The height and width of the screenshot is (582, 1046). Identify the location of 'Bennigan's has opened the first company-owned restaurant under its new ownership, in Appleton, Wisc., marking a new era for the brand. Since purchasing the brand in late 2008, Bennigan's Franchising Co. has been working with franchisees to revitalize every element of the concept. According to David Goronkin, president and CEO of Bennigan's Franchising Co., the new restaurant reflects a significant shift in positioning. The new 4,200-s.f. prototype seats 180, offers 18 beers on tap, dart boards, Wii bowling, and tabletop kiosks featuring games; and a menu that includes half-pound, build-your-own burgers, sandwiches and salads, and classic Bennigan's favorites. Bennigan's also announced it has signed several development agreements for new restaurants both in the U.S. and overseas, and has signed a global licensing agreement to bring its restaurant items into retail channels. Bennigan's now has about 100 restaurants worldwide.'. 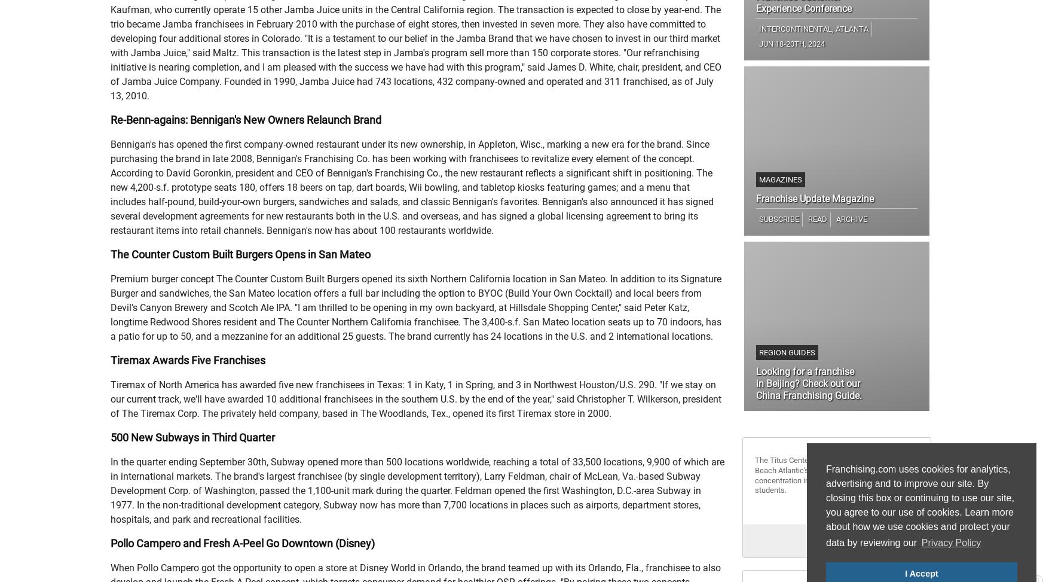
(412, 187).